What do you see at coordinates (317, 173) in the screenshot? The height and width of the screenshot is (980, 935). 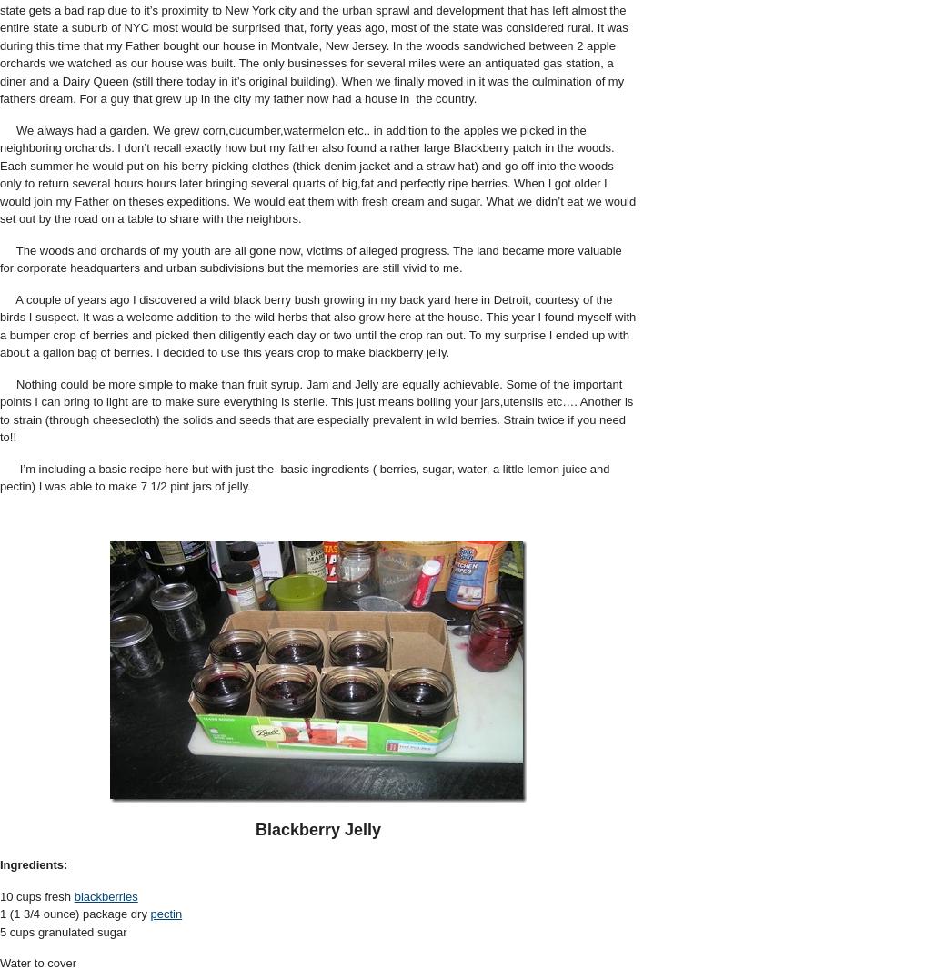 I see `'We always had a garden. We grew corn,cucumber,watermelon etc.. in addition to the apples we picked in the neighboring orchards. I don’t recall exactly how but my father also found a rather large Blackberry patch in the woods. Each summer he would put on his berry picking clothes (thick denim jacket and a straw hat) and go off into the woods only to return several hours hours later bringing several quarts of big,fat and perfectly ripe berries. When I got older I would join my Father on theses expeditions. We would eat them with fresh cream and sugar. What we didn’t eat we would set out by the road on a table to share with the neighbors.'` at bounding box center [317, 173].